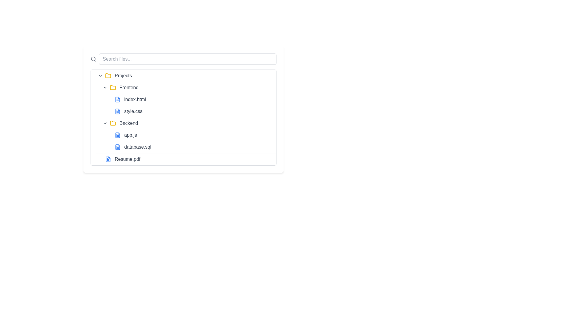 Image resolution: width=572 pixels, height=321 pixels. I want to click on to select the file named 'style.css' in the file tree, which is part of the 'Frontend' folder under the 'Projects' directory, so click(133, 111).